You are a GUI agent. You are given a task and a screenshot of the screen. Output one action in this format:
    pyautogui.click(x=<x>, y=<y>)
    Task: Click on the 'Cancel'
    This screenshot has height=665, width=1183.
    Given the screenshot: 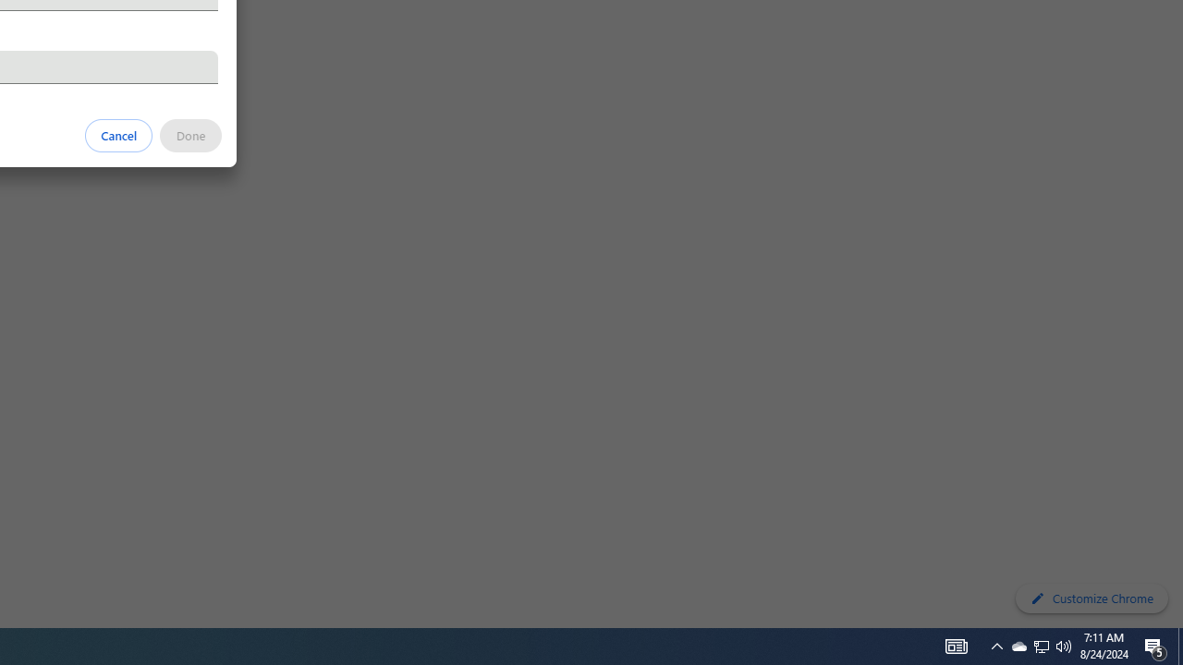 What is the action you would take?
    pyautogui.click(x=118, y=134)
    